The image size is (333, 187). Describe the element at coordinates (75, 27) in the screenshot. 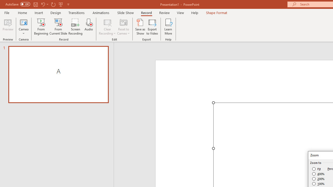

I see `'Screen Recording'` at that location.